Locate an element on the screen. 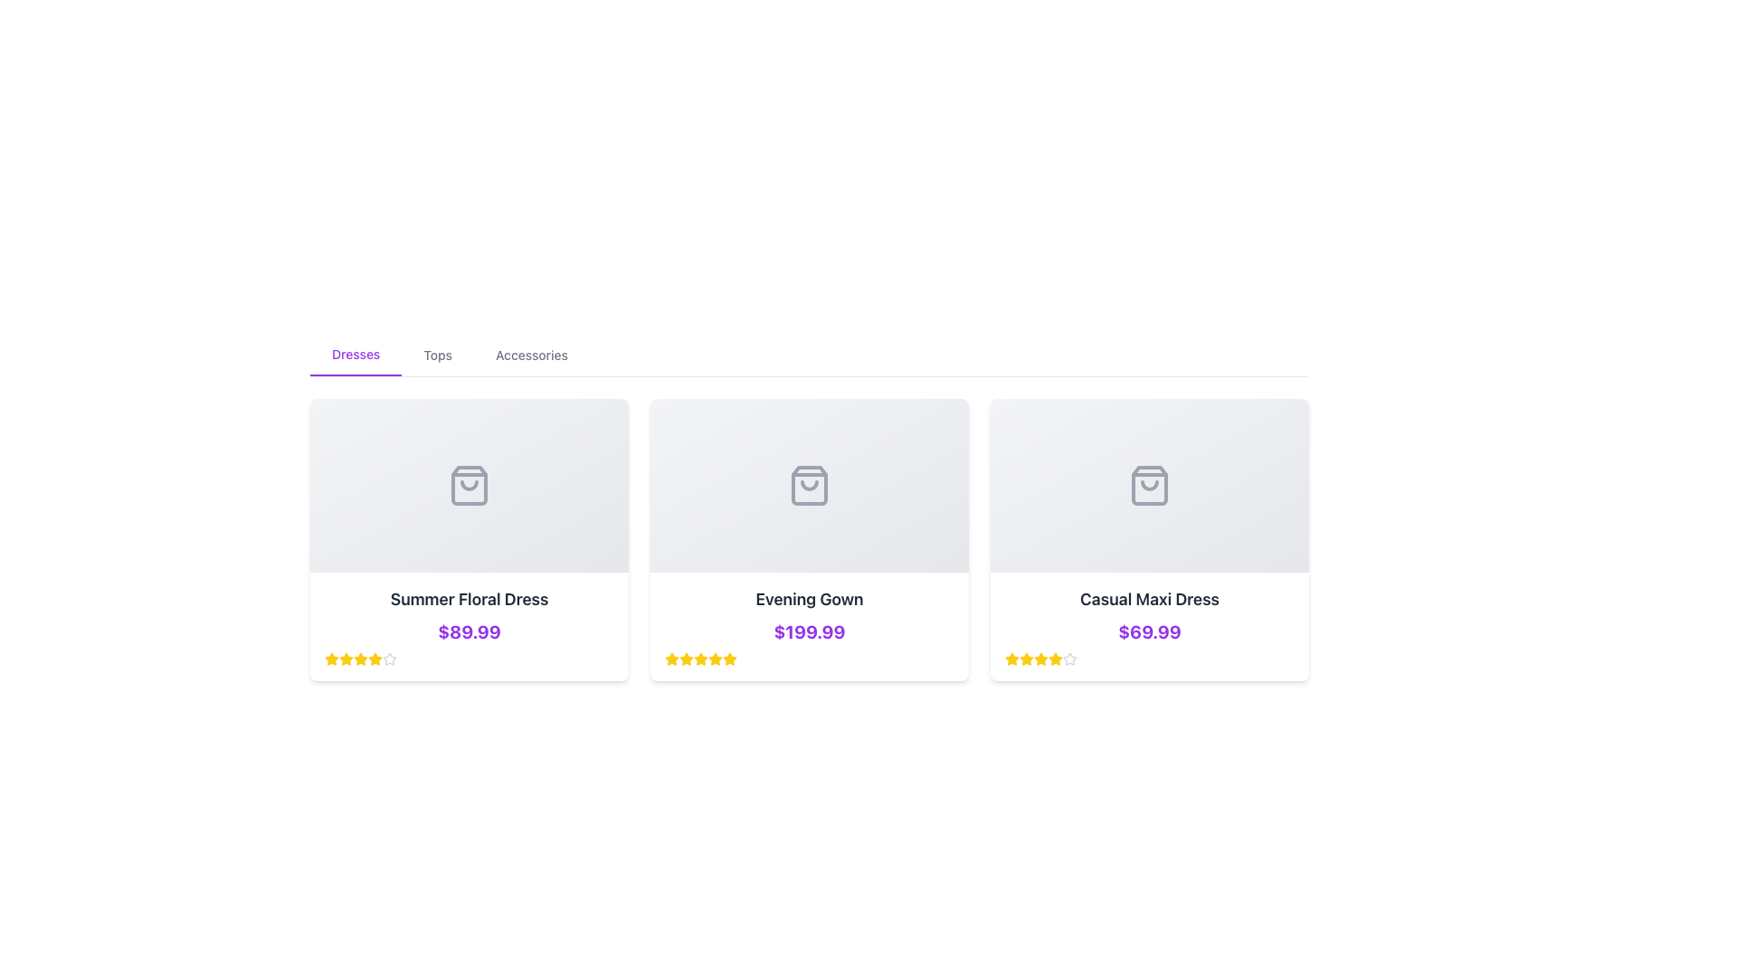  the price text label for the 'Evening Gown' product located in the center card below the product name and above the star ratings, if it is interactive is located at coordinates (808, 631).